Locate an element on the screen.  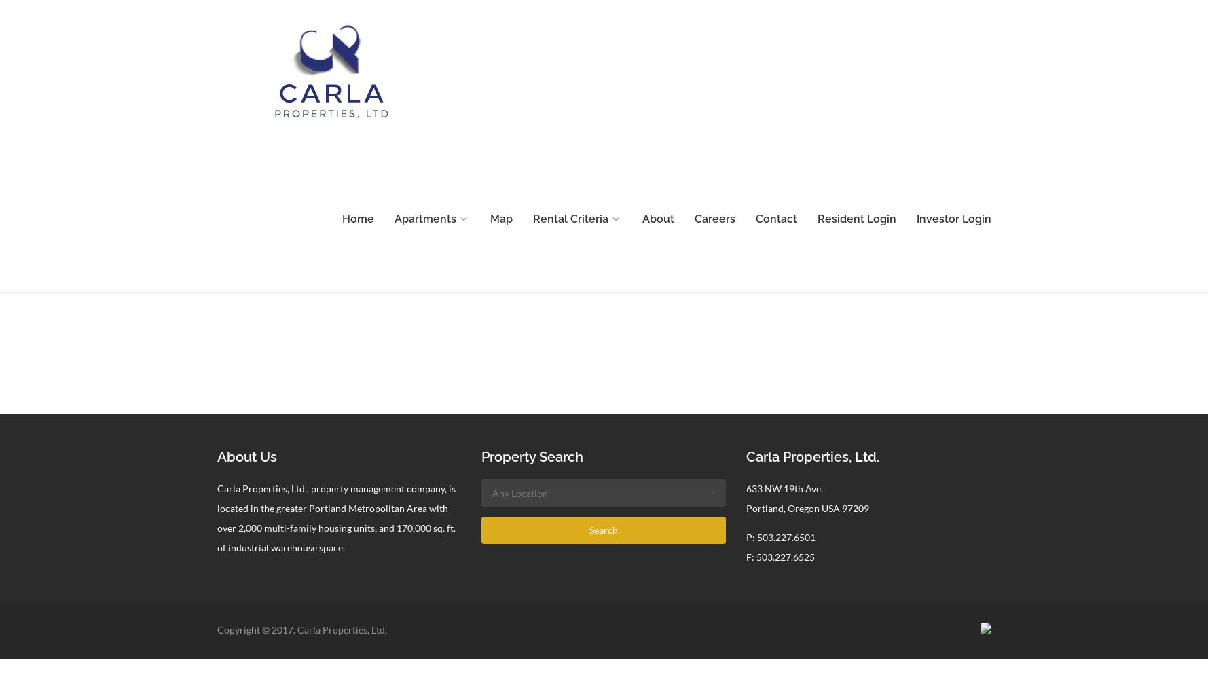
'P: 503.227.6501' is located at coordinates (780, 537).